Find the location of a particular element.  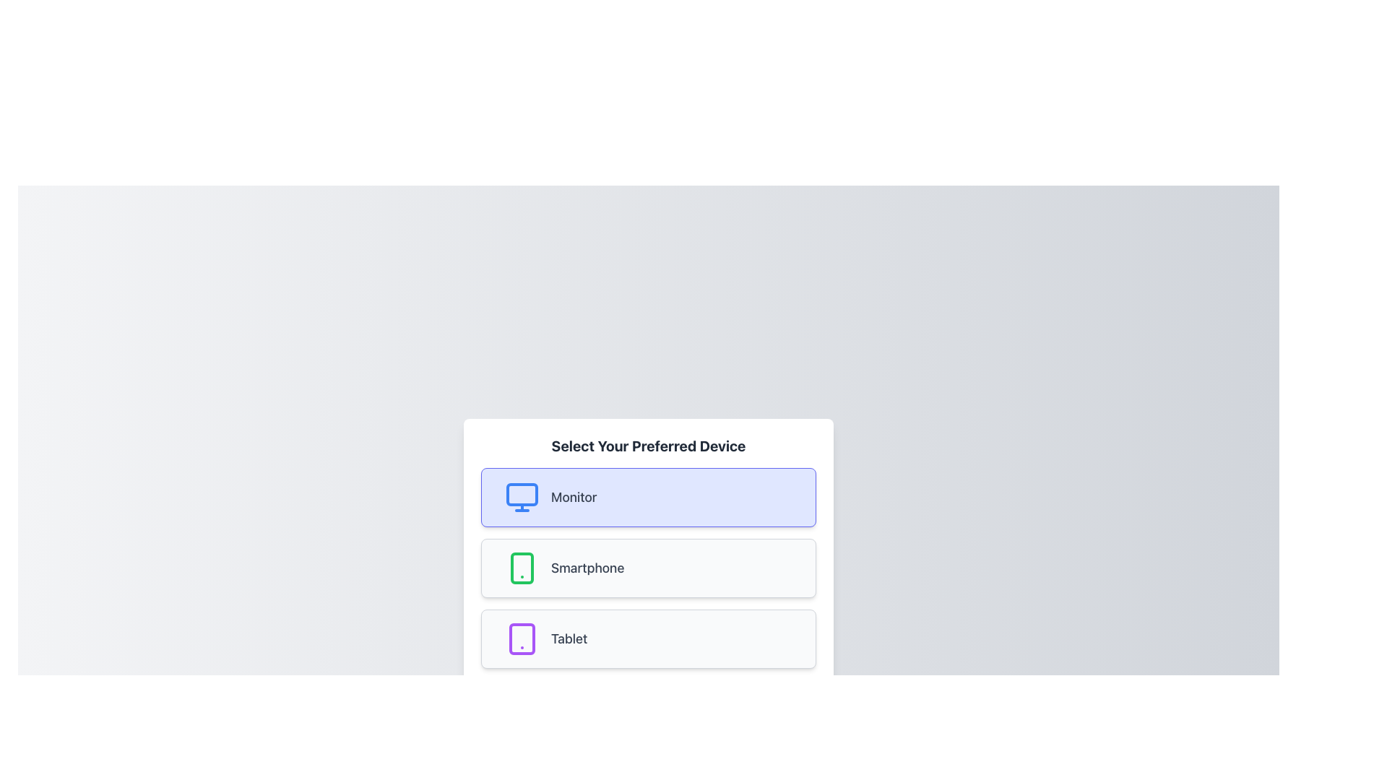

the text label for the 'Tablet' device, which is part of the third option in a vertical list of selectable cards, located to the right of the tablet icon is located at coordinates (569, 638).